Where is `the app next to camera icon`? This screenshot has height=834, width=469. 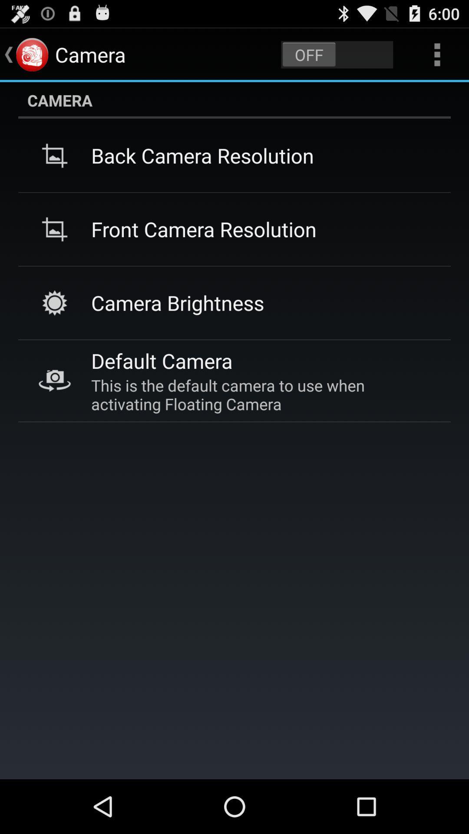 the app next to camera icon is located at coordinates (337, 54).